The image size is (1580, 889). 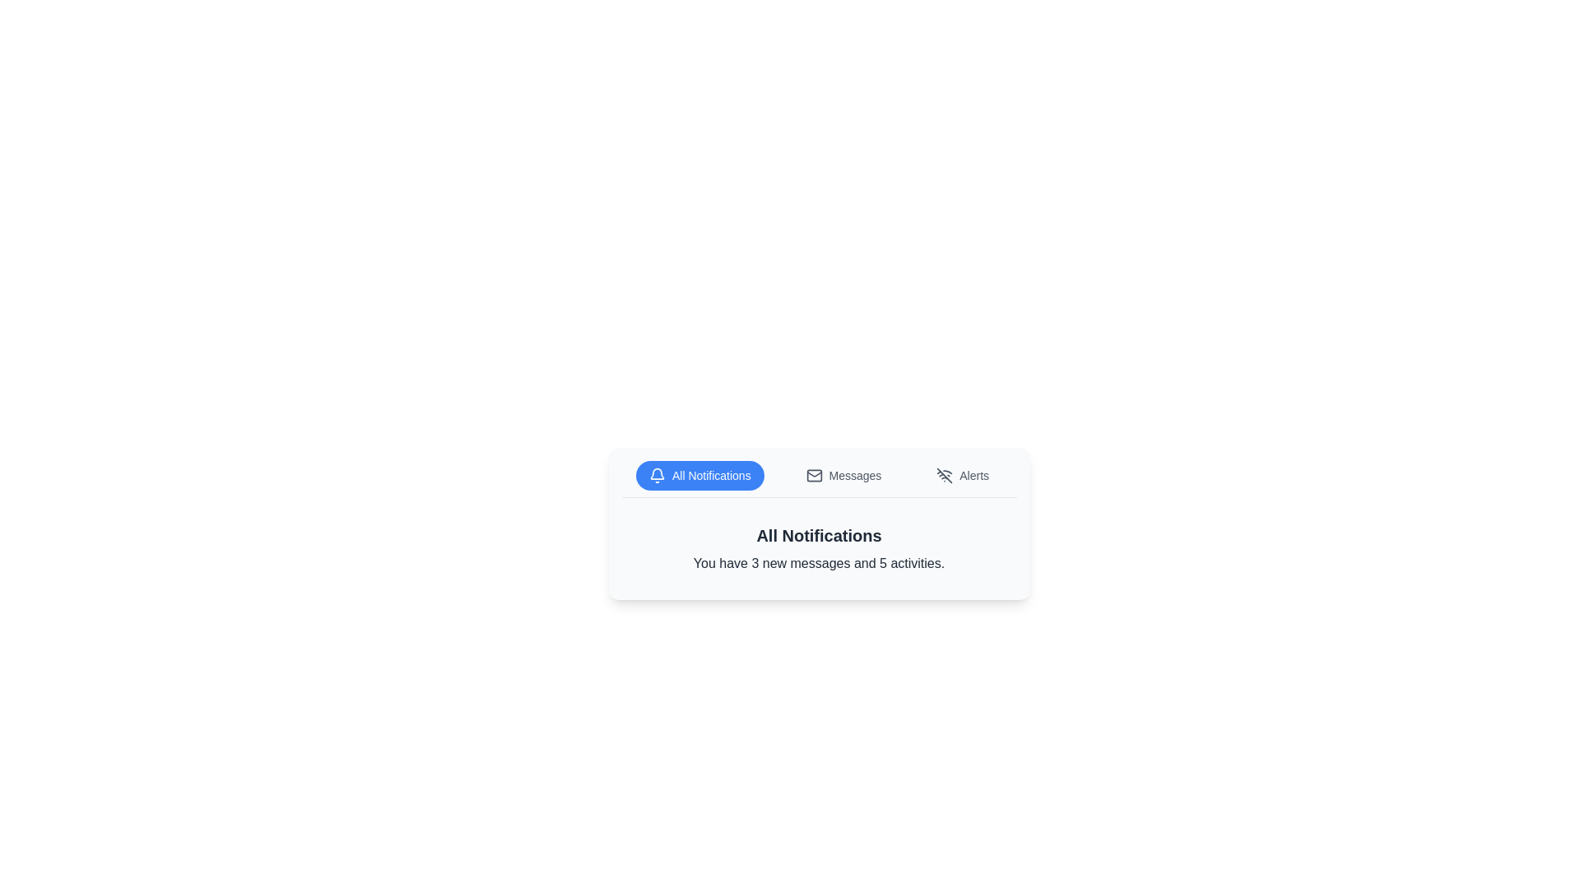 What do you see at coordinates (963, 476) in the screenshot?
I see `the 'Alerts' button` at bounding box center [963, 476].